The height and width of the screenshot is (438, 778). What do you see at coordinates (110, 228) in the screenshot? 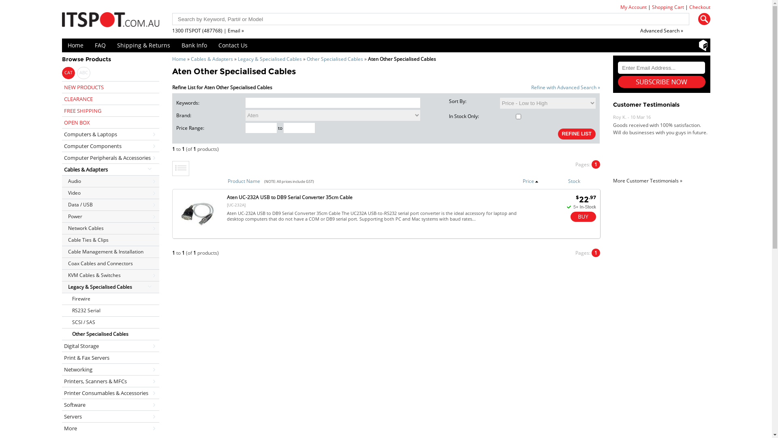
I see `'Network Cables'` at bounding box center [110, 228].